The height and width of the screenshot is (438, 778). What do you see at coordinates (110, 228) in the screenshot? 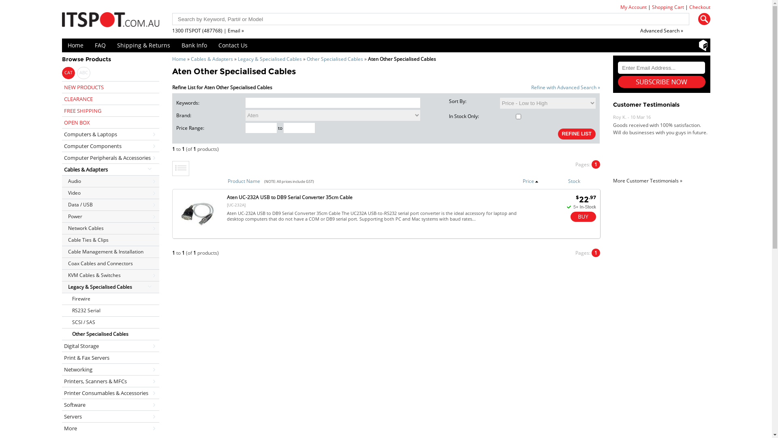
I see `'Network Cables'` at bounding box center [110, 228].